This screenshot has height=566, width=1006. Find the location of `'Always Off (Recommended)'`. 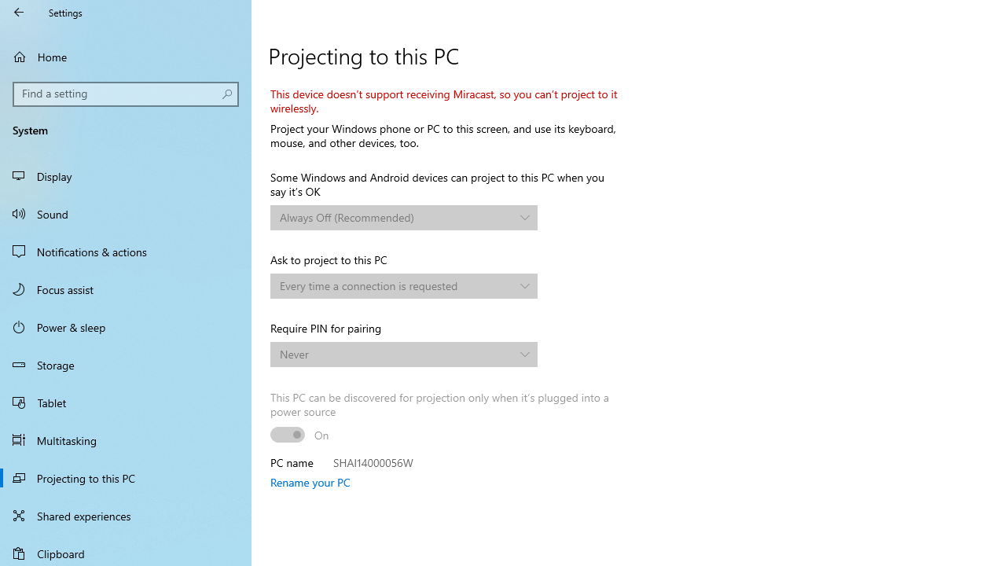

'Always Off (Recommended)' is located at coordinates (395, 217).